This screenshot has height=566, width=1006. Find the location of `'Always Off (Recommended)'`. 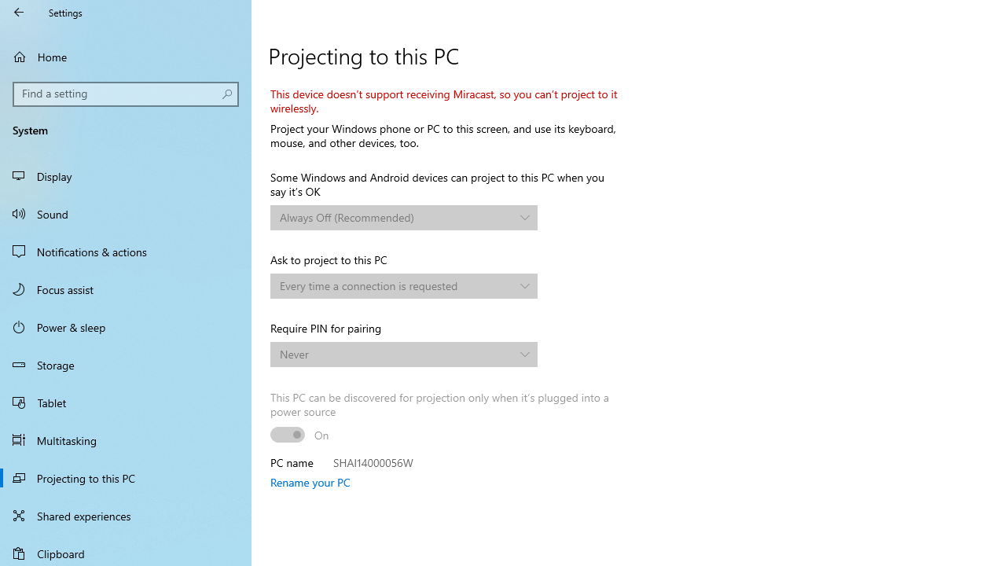

'Always Off (Recommended)' is located at coordinates (395, 217).